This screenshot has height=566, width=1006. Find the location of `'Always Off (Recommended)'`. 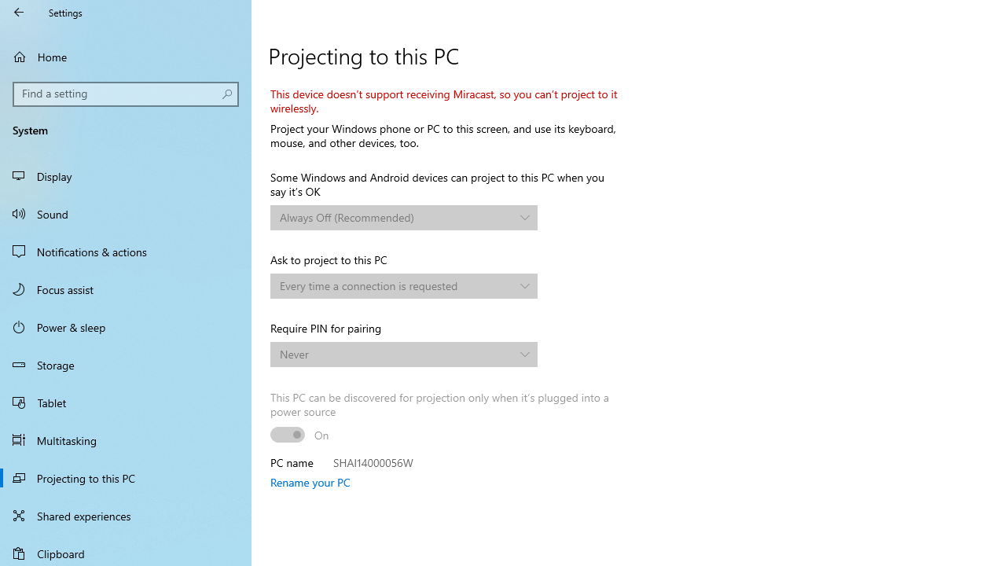

'Always Off (Recommended)' is located at coordinates (395, 217).